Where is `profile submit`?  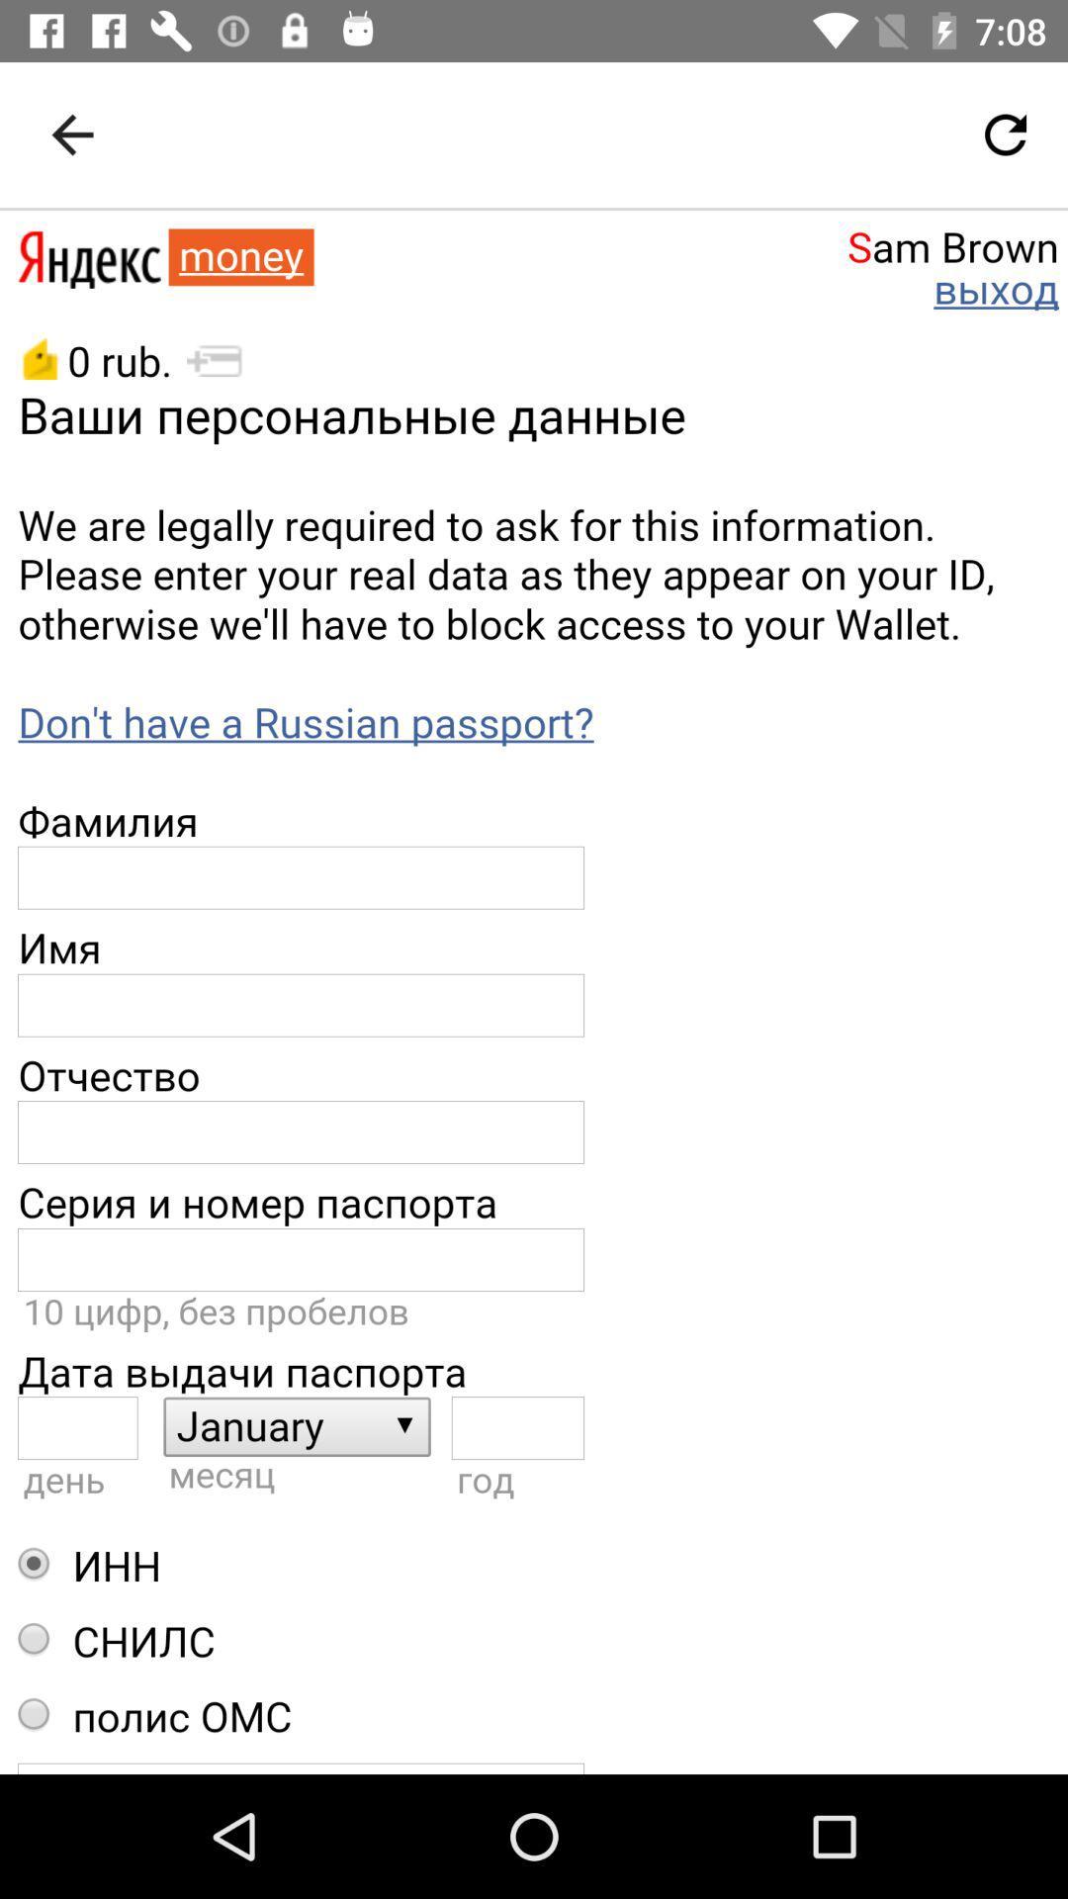
profile submit is located at coordinates (534, 992).